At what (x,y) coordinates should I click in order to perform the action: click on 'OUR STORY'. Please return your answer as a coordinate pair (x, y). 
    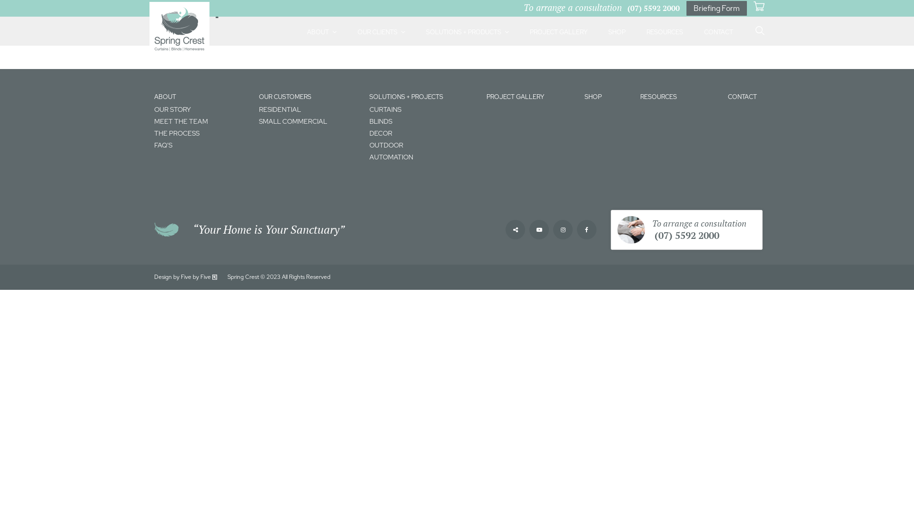
    Looking at the image, I should click on (201, 109).